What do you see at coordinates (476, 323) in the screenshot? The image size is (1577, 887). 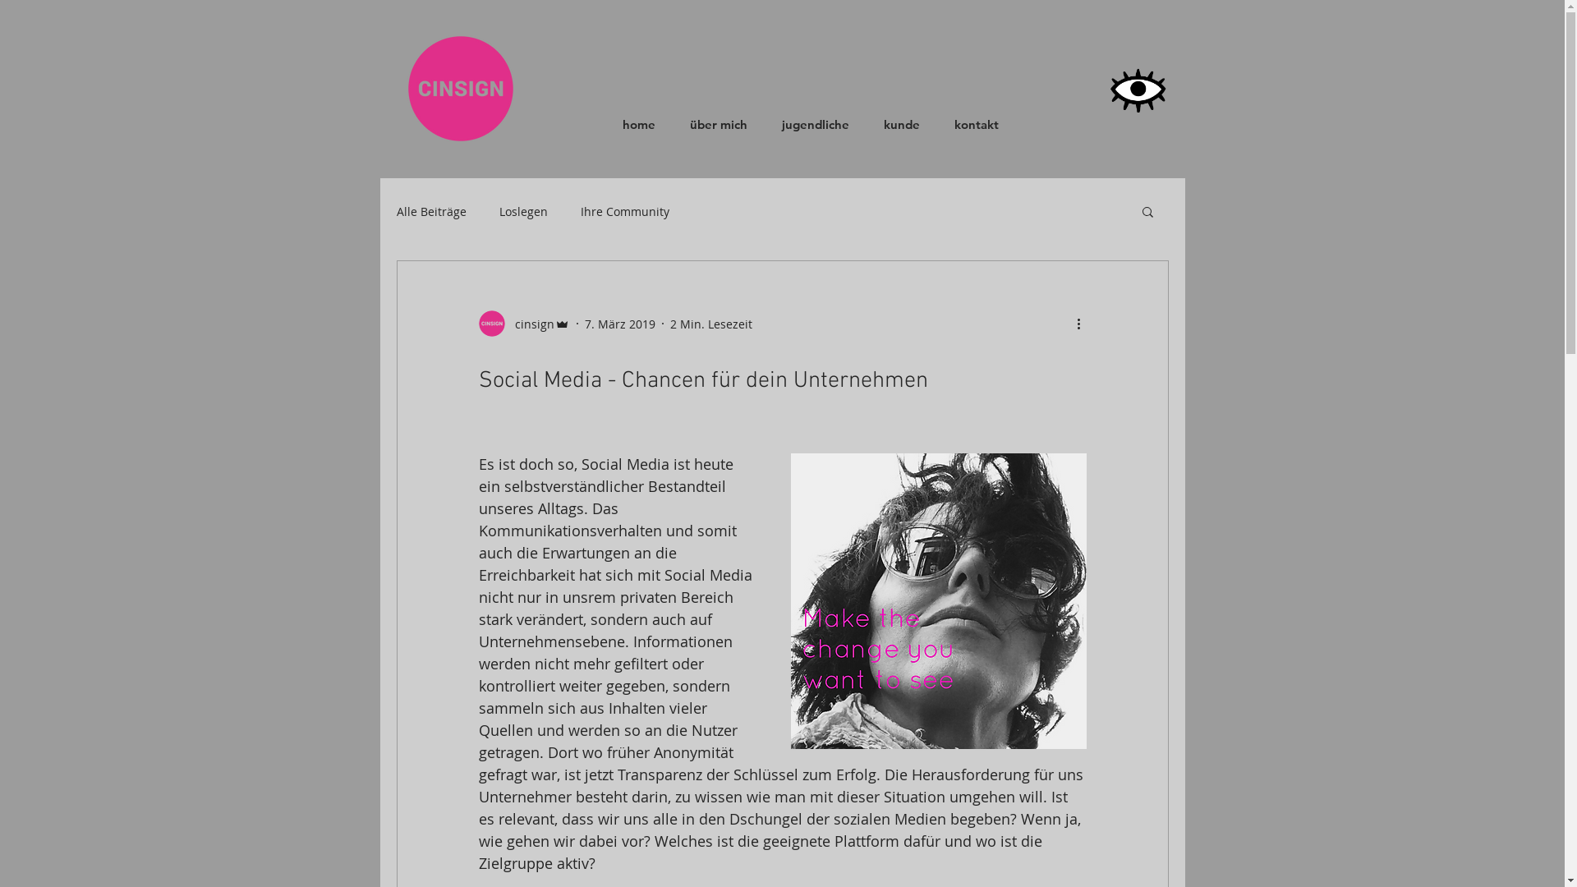 I see `'cinsign'` at bounding box center [476, 323].